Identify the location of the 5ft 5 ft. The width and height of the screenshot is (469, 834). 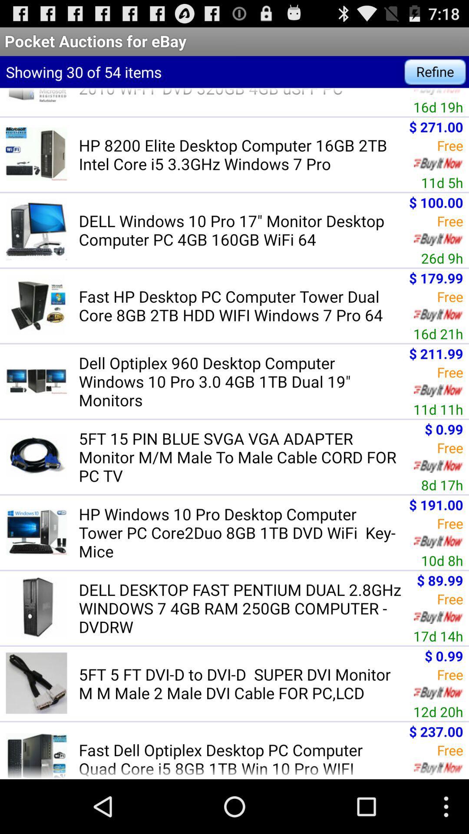
(243, 683).